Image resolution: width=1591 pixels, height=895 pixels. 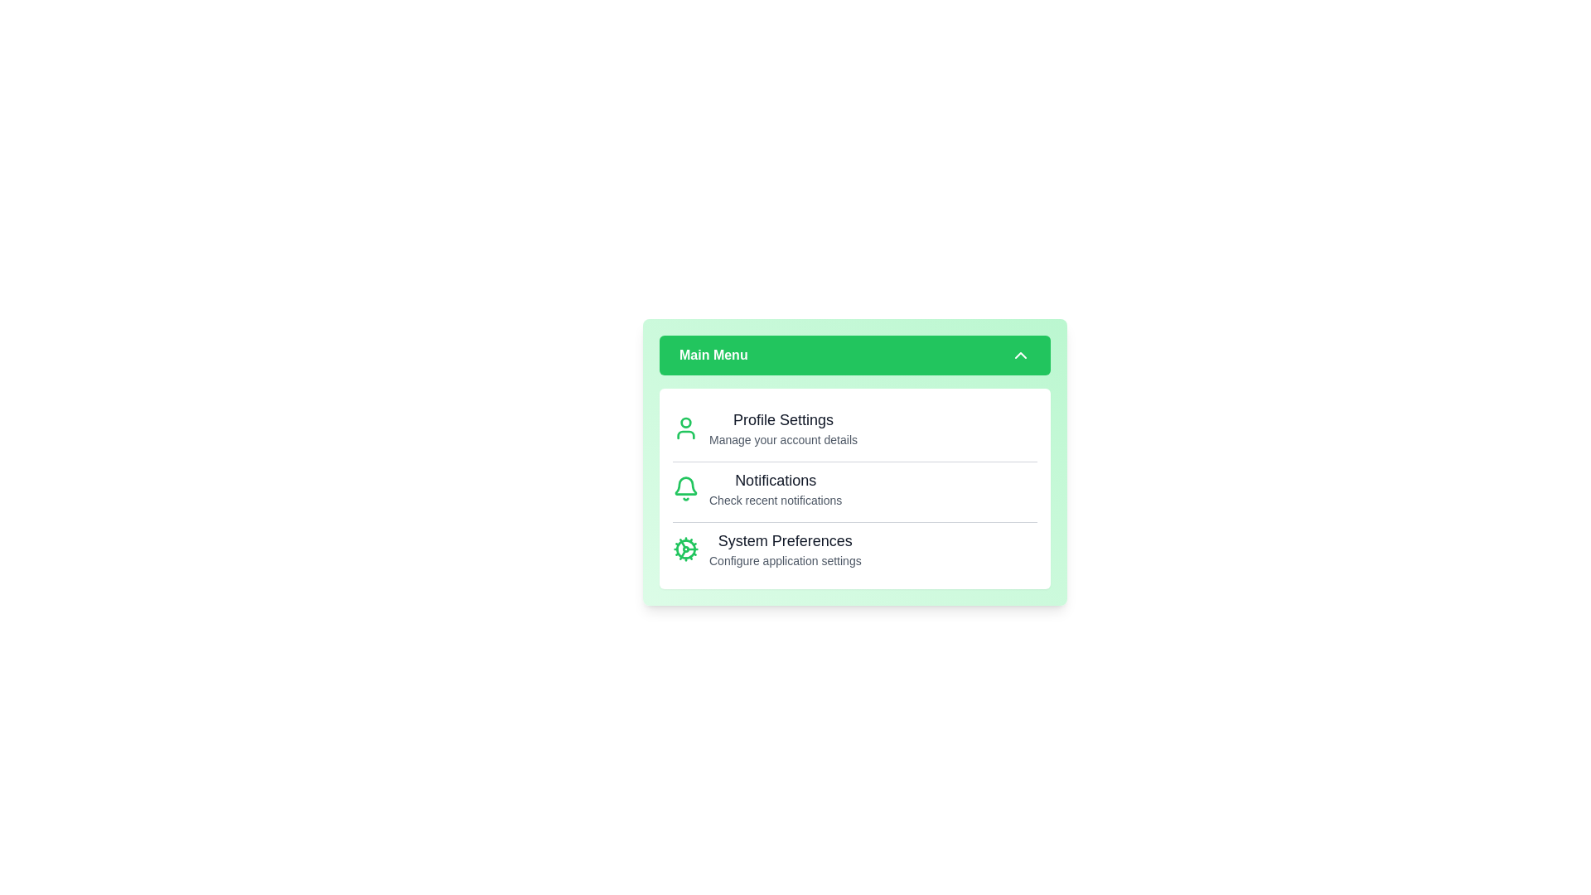 I want to click on the descriptive text under the menu item Notifications, so click(x=775, y=500).